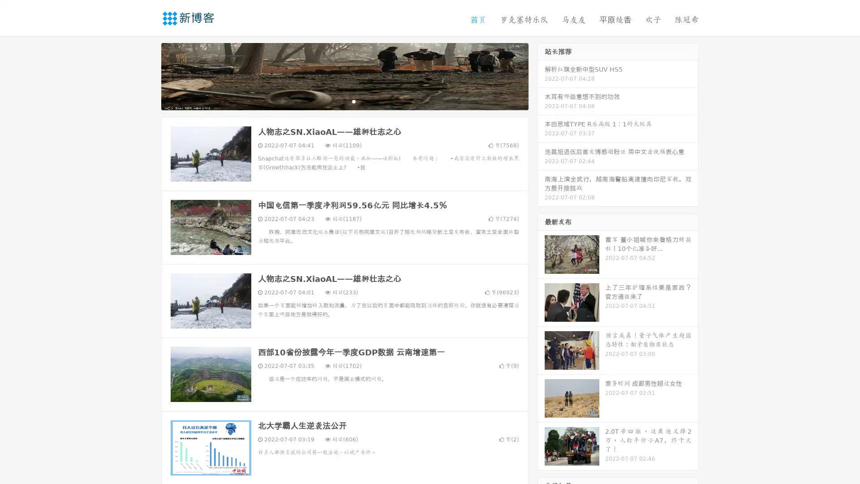 The height and width of the screenshot is (484, 860). Describe the element at coordinates (353, 101) in the screenshot. I see `Go to slide 3` at that location.